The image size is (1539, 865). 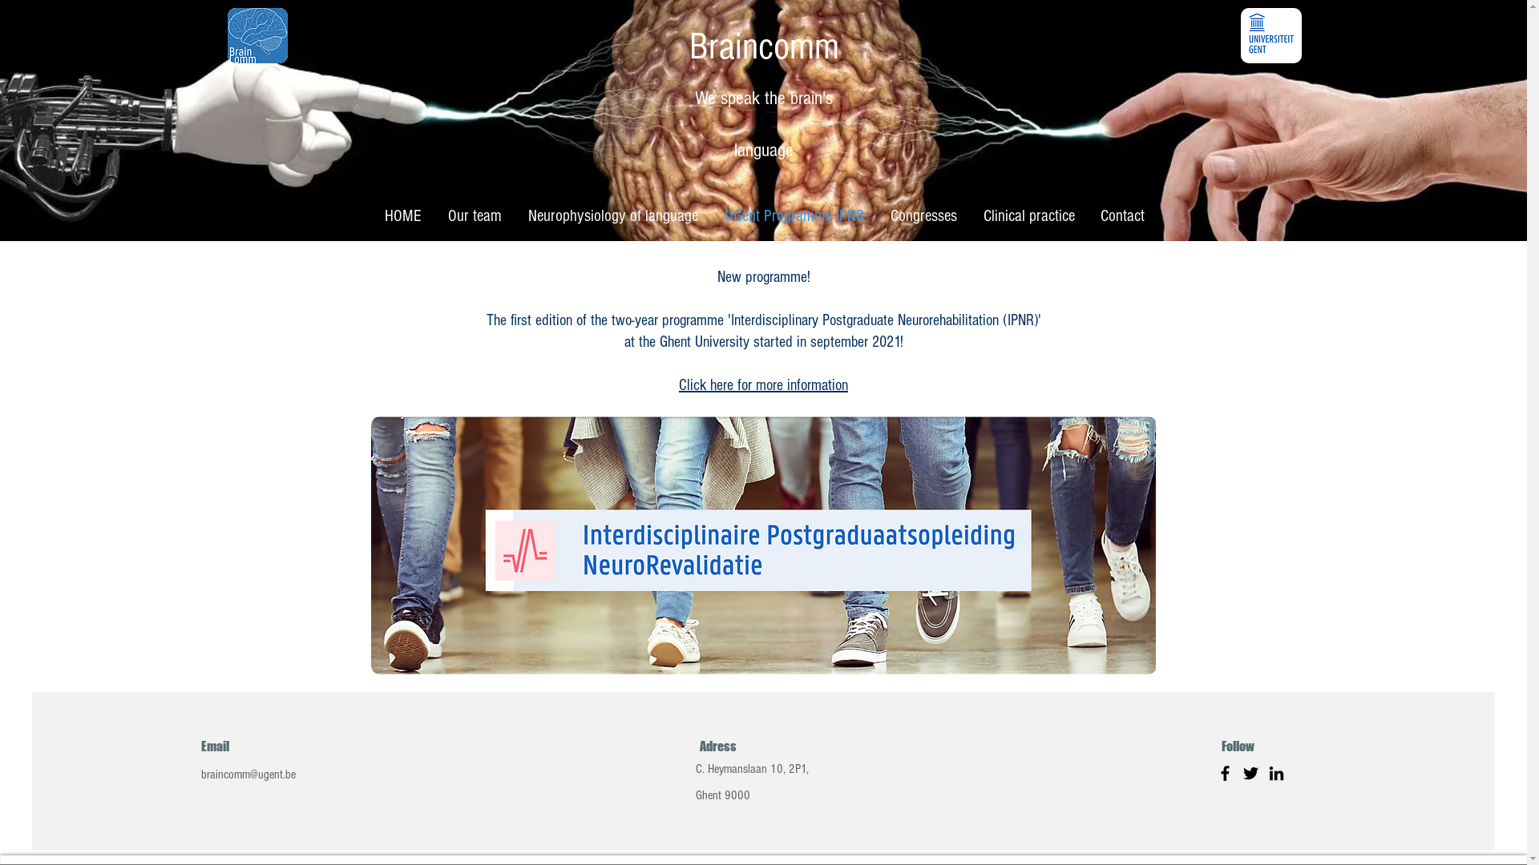 What do you see at coordinates (751, 808) in the screenshot?
I see `'Ghent 9000'` at bounding box center [751, 808].